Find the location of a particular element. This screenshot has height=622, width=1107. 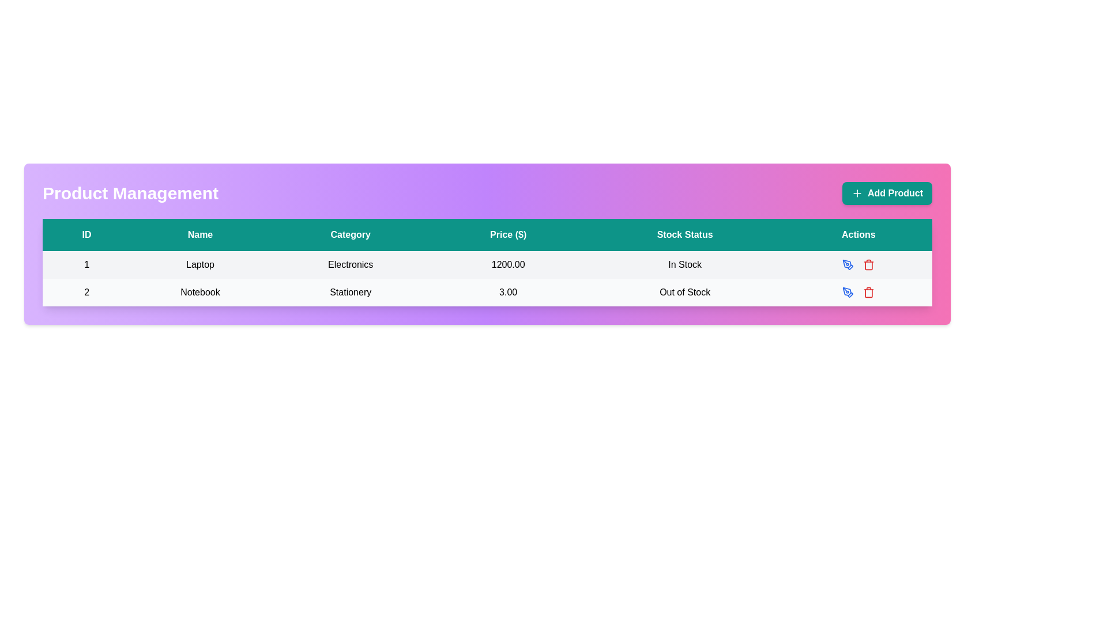

the Table Header Cell for the 'ID' column, which is the first column header in the table's header row located under the 'Product Management' section is located at coordinates (86, 234).